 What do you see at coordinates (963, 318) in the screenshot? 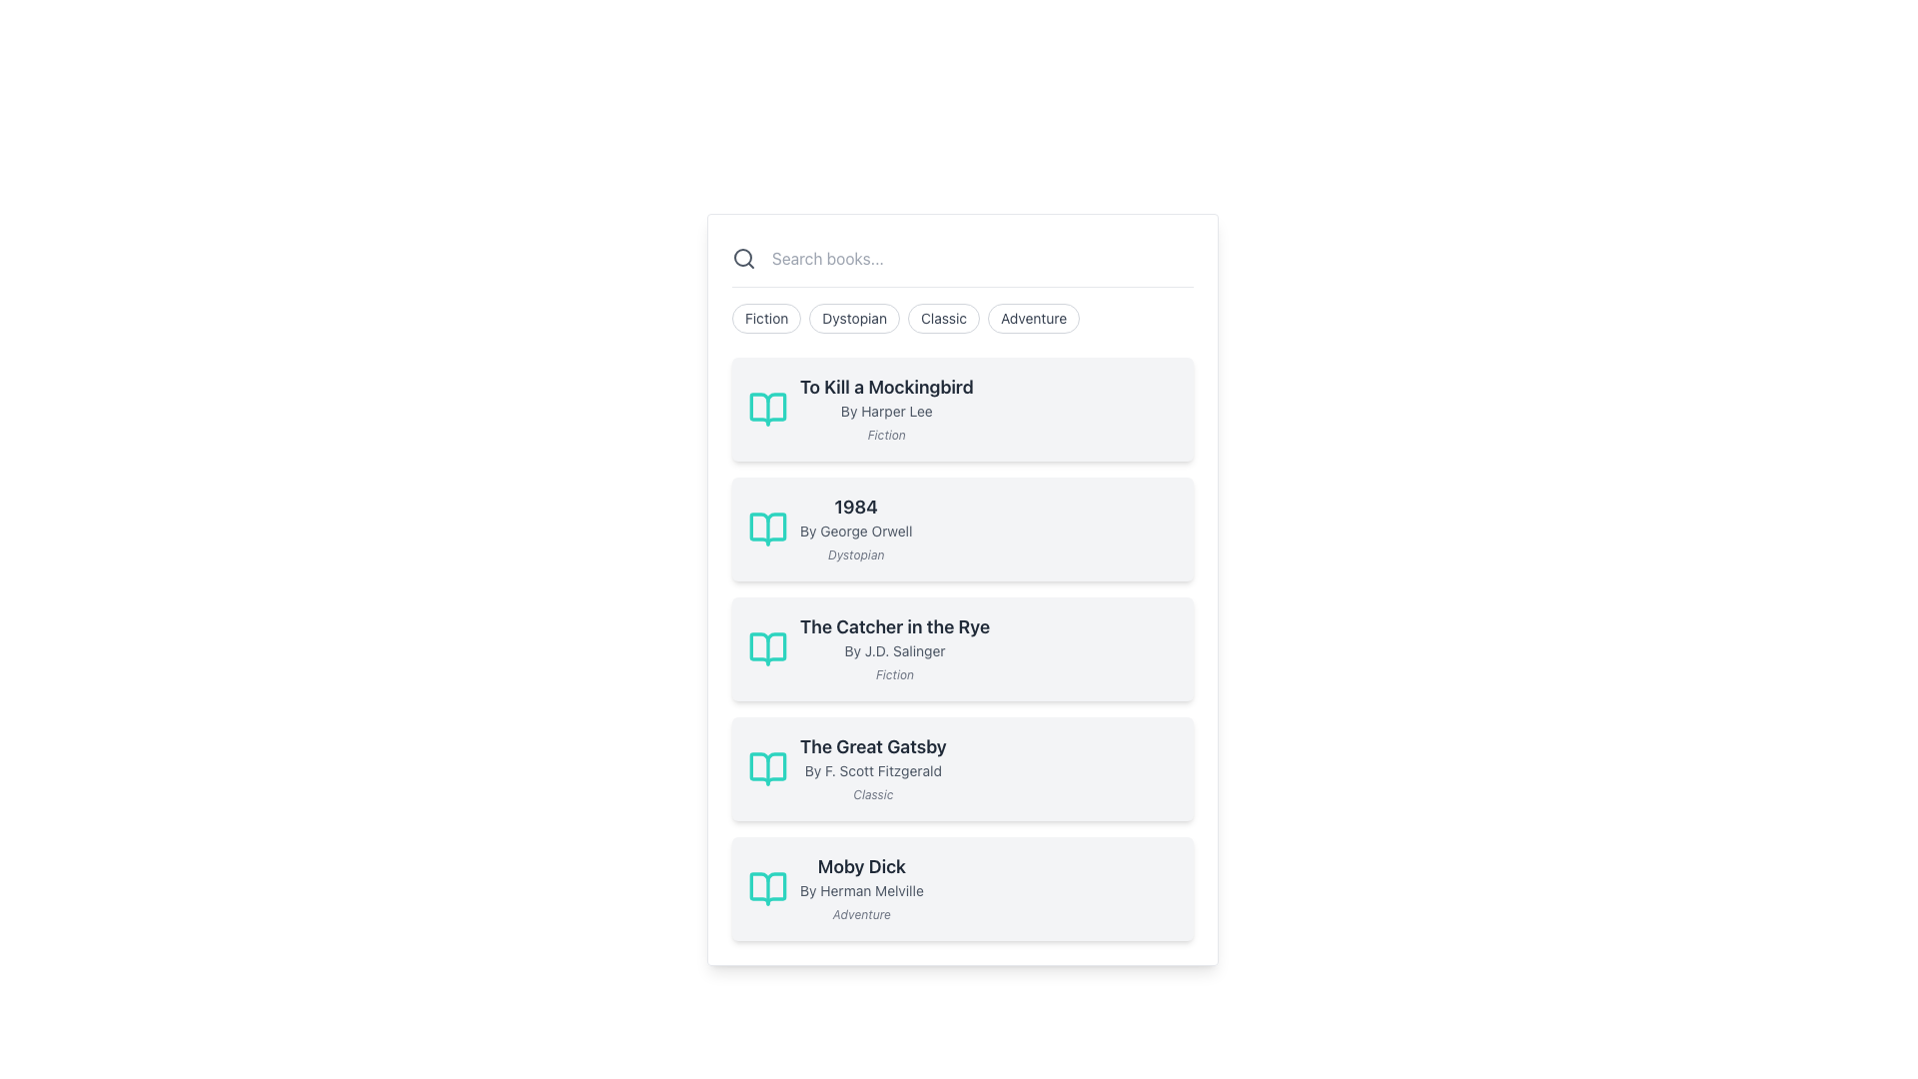
I see `the Interactive category filter tags located beneath the search bar` at bounding box center [963, 318].